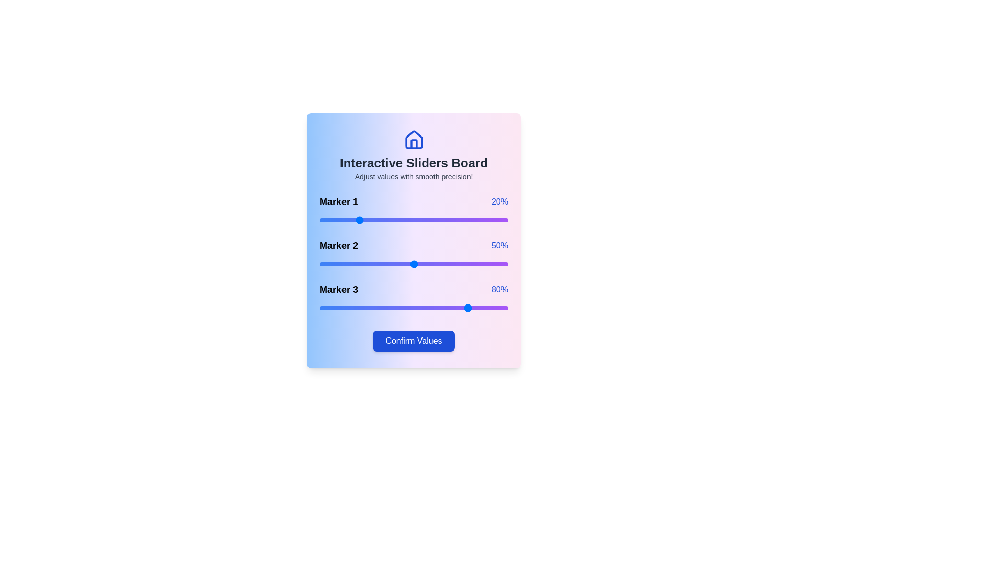  I want to click on the slider for Marker 1 to 31%, so click(377, 219).